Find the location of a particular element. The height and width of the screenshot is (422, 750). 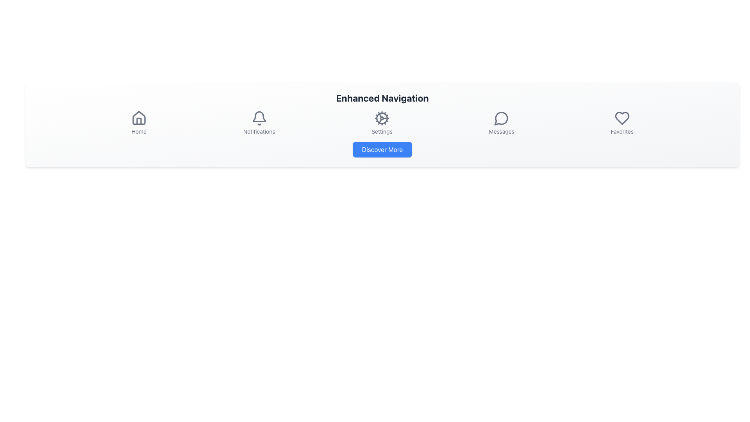

an icon within the horizontal navigation bar located below the 'Enhanced Navigation' header is located at coordinates (382, 123).